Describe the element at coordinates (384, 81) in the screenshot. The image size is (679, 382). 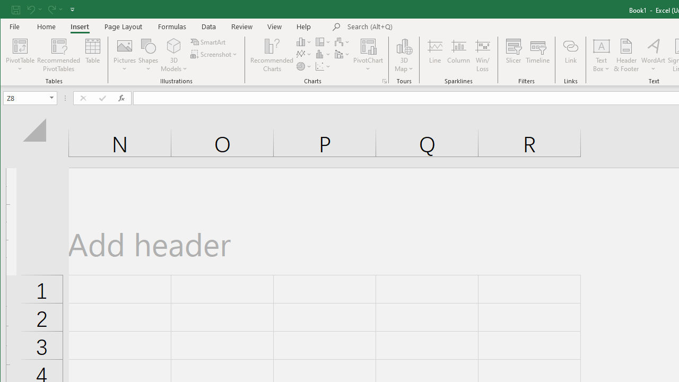
I see `'Recommended Charts'` at that location.